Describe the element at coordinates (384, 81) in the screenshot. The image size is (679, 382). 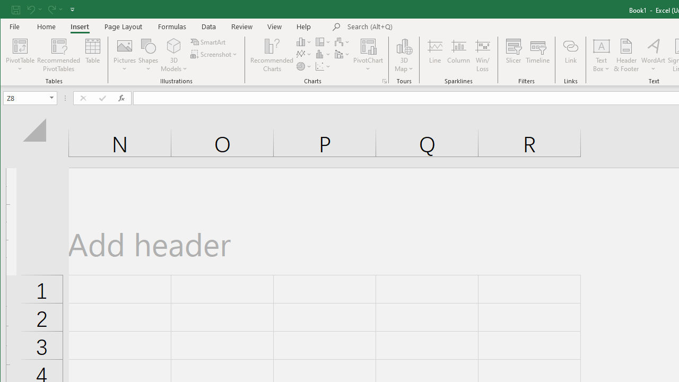
I see `'Recommended Charts'` at that location.